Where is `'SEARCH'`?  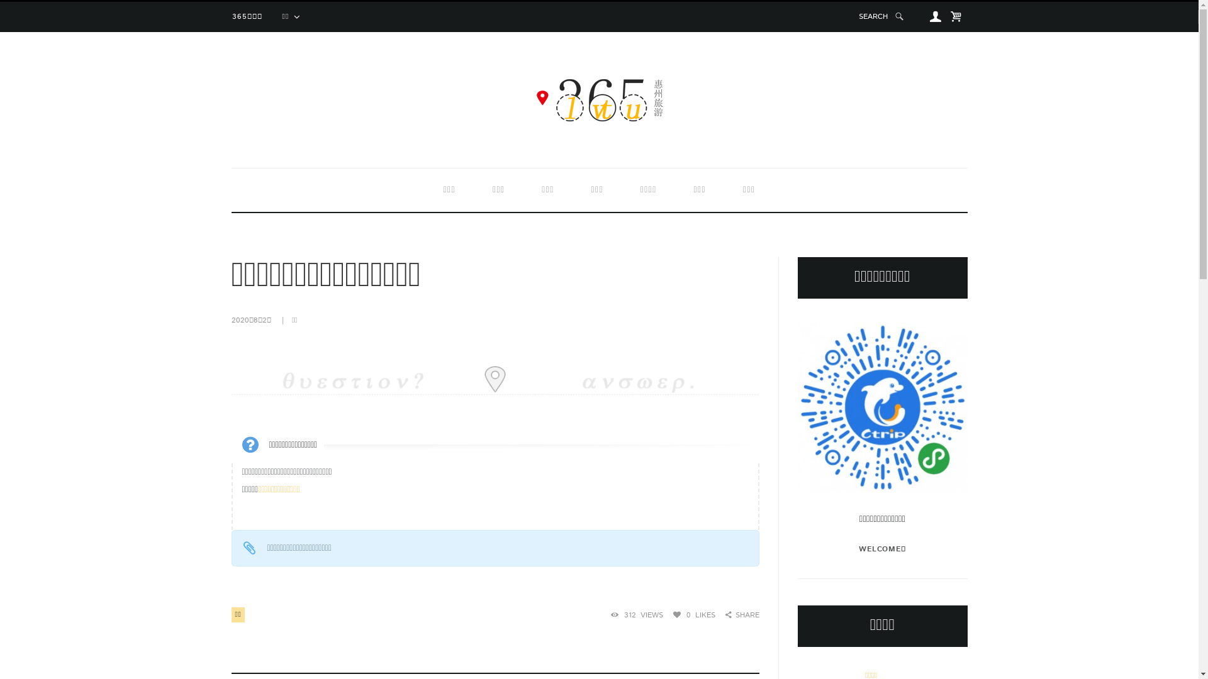 'SEARCH' is located at coordinates (881, 16).